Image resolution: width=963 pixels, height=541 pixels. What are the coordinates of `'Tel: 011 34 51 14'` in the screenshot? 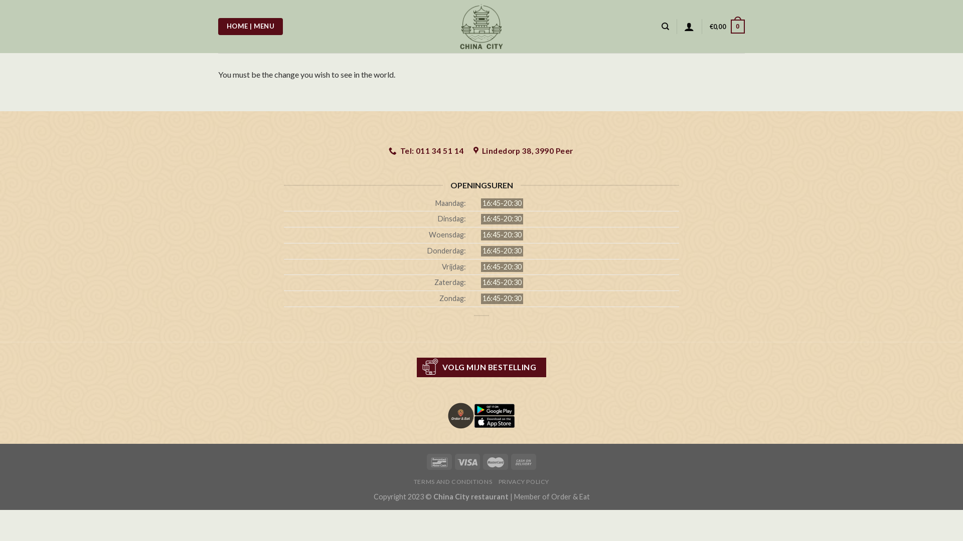 It's located at (426, 151).